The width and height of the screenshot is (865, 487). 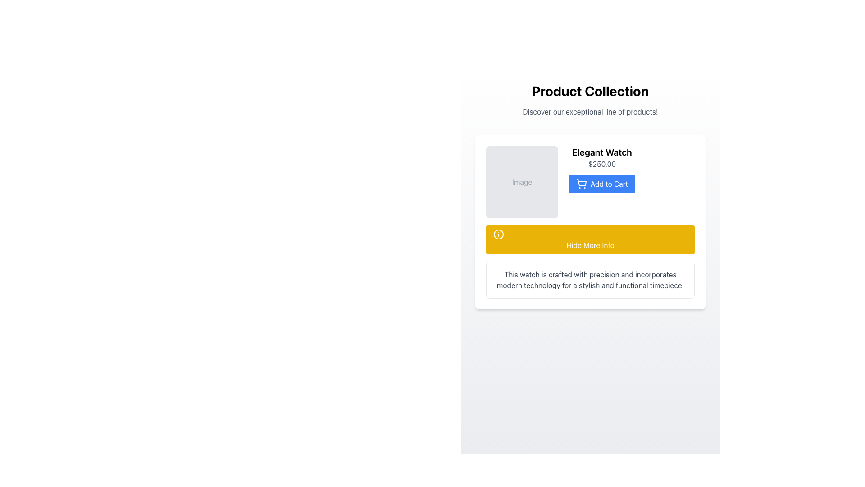 What do you see at coordinates (498, 234) in the screenshot?
I see `the small circular info icon located inside the yellow button labeled 'Hide More Info'` at bounding box center [498, 234].